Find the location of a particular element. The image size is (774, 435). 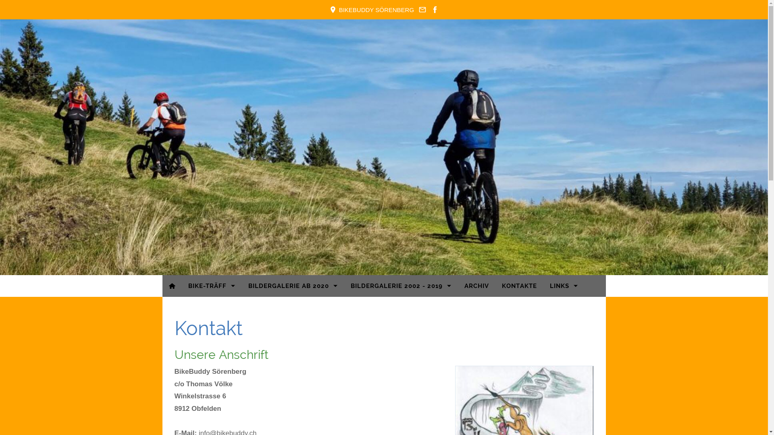

'BILDERGALERIE AB 2020' is located at coordinates (292, 285).